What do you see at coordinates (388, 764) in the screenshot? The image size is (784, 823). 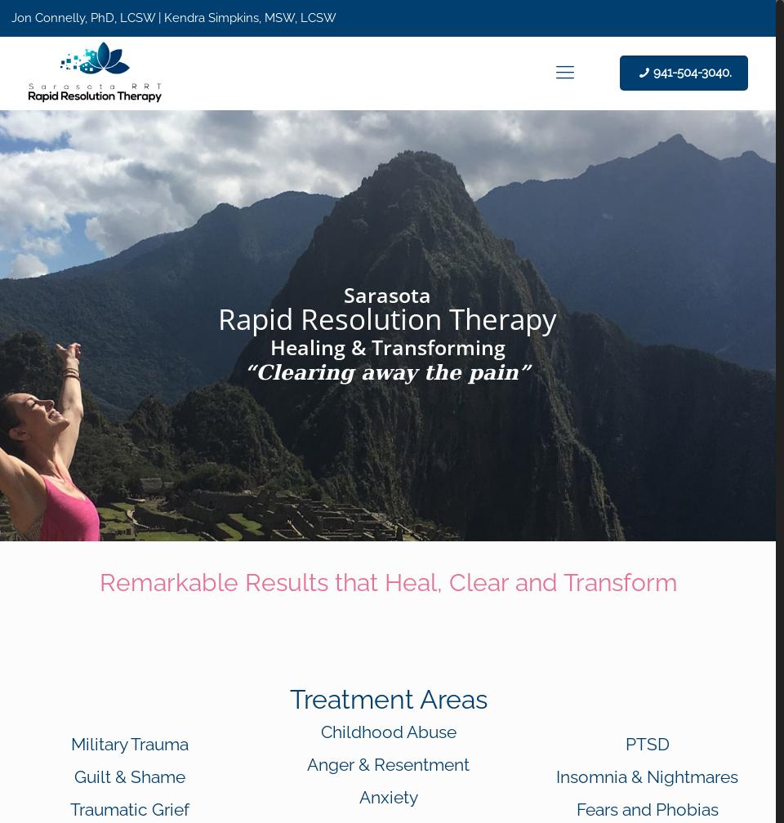 I see `'Anger & Resentment'` at bounding box center [388, 764].